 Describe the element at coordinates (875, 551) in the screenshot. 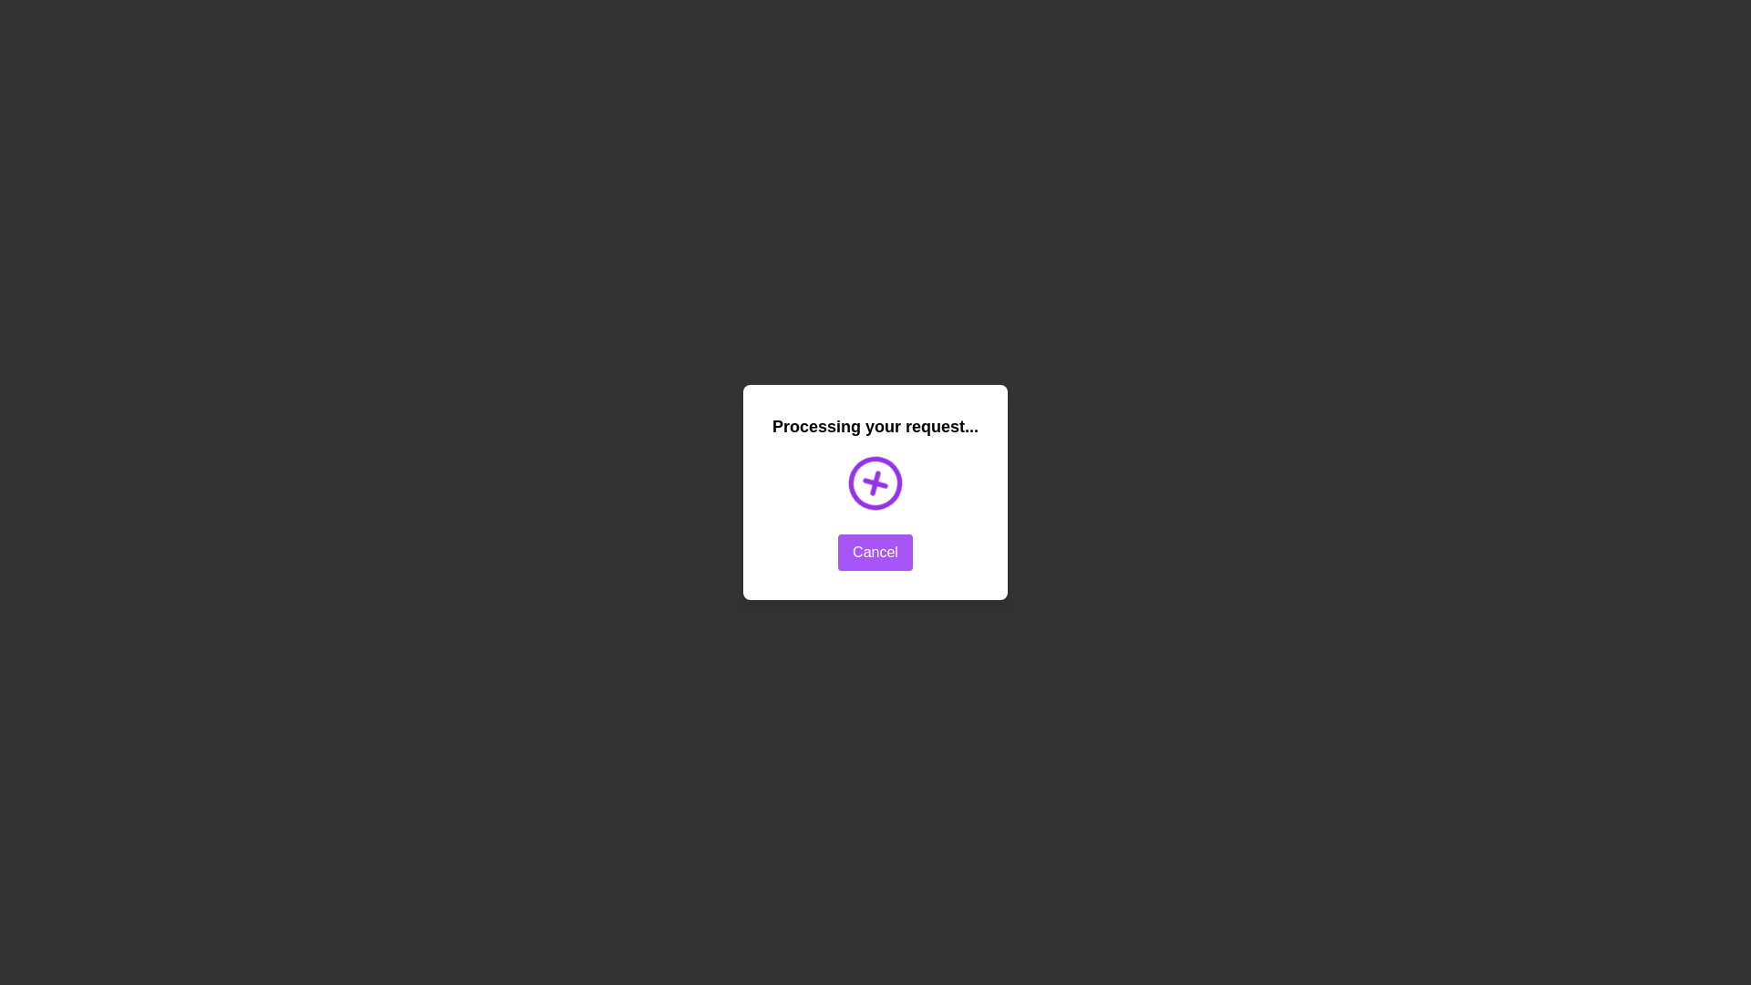

I see `the 'Cancel' button, which is a rectangular button with a purple background and white text, located at the bottom of the modal dialog box` at that location.